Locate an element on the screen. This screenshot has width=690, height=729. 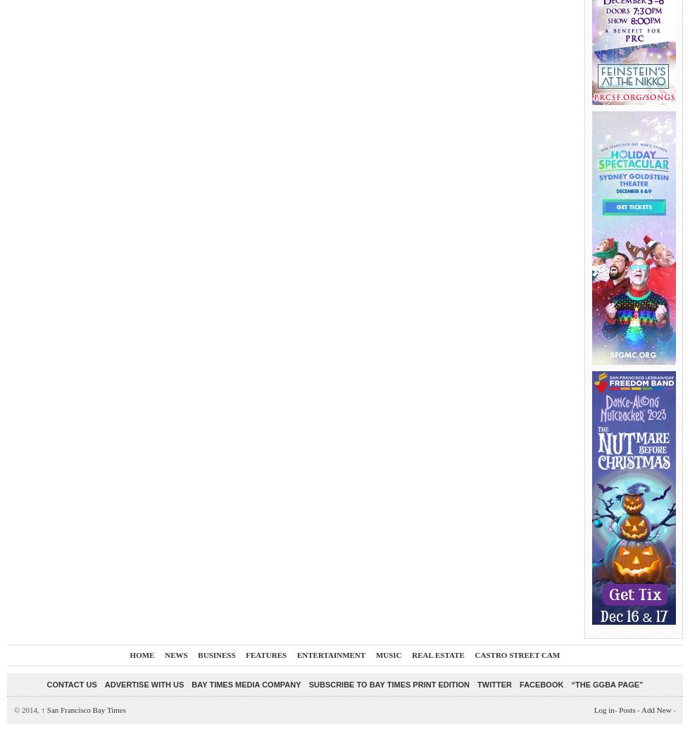
'Real Estate' is located at coordinates (411, 654).